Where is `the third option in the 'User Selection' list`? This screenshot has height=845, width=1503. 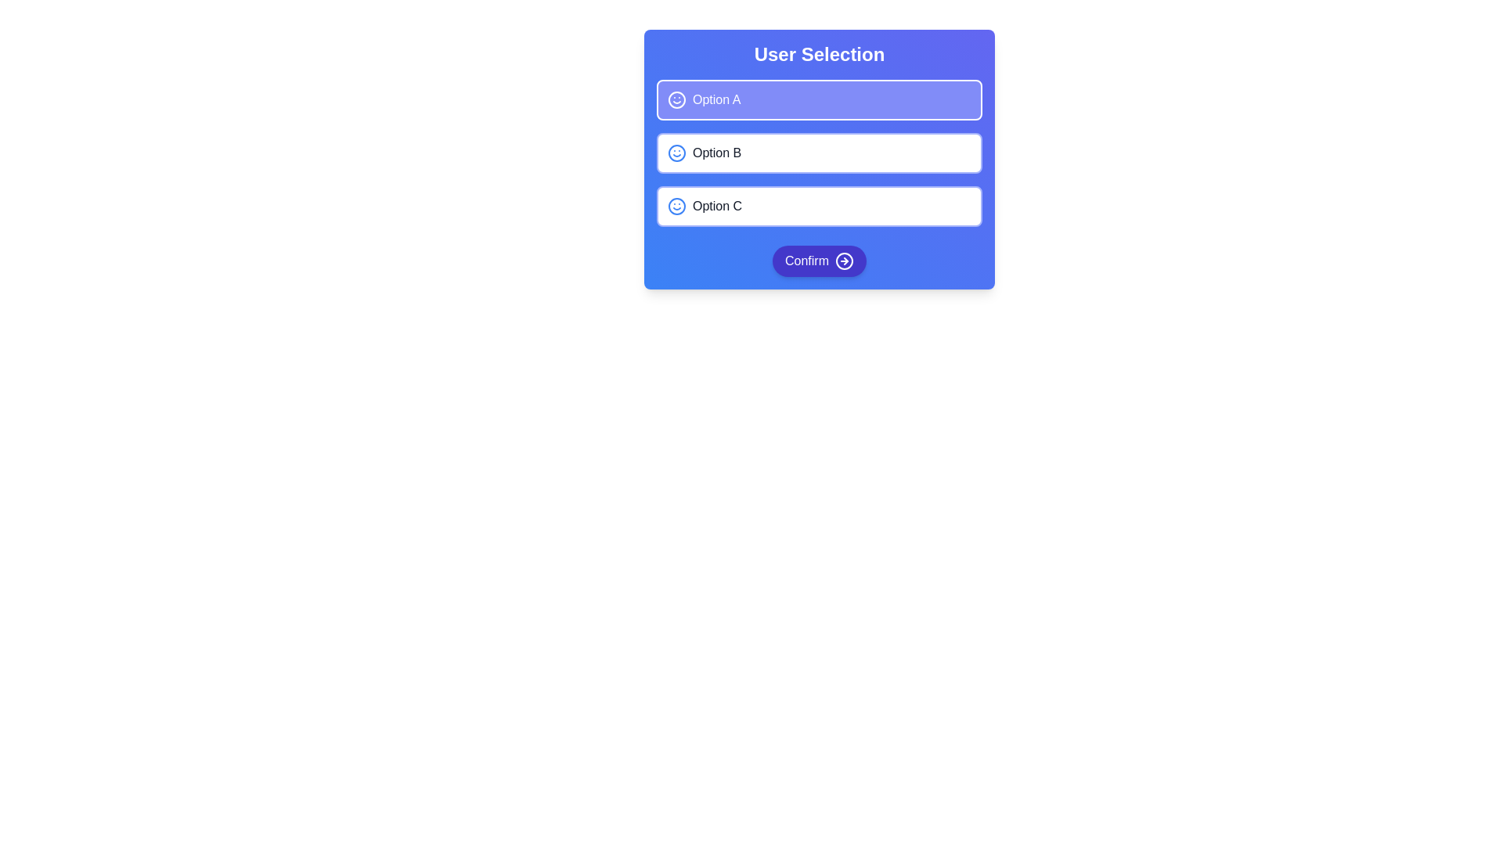
the third option in the 'User Selection' list is located at coordinates (818, 205).